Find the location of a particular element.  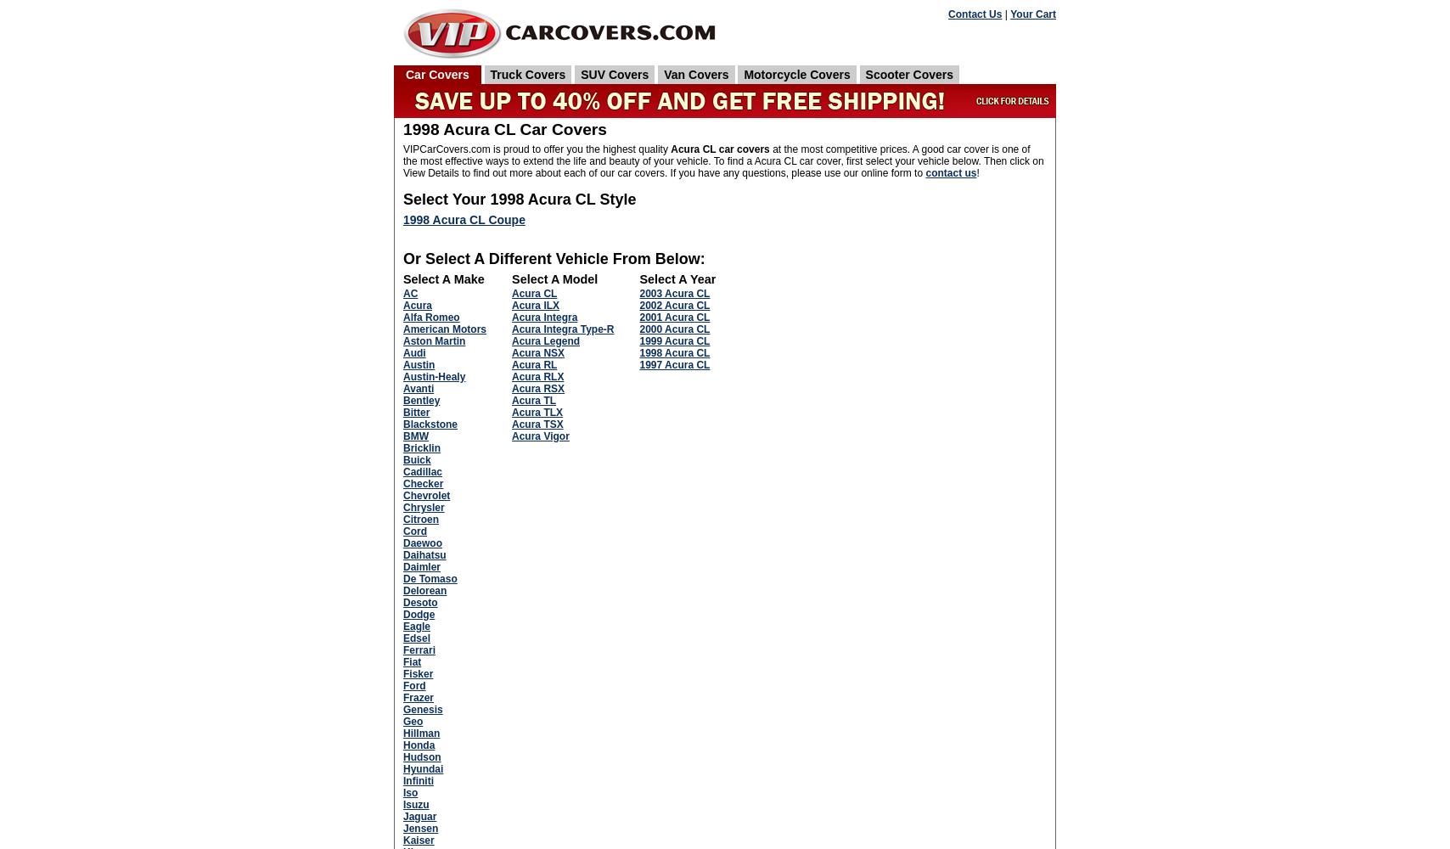

'2000 Acura CL' is located at coordinates (674, 329).